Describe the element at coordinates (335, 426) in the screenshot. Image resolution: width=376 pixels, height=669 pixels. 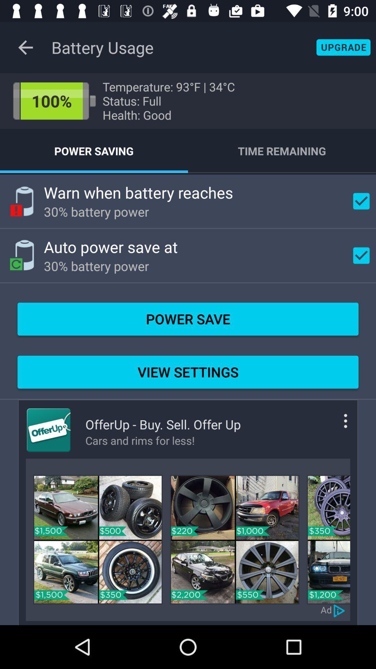
I see `the icon to the right of offerup buy sell` at that location.